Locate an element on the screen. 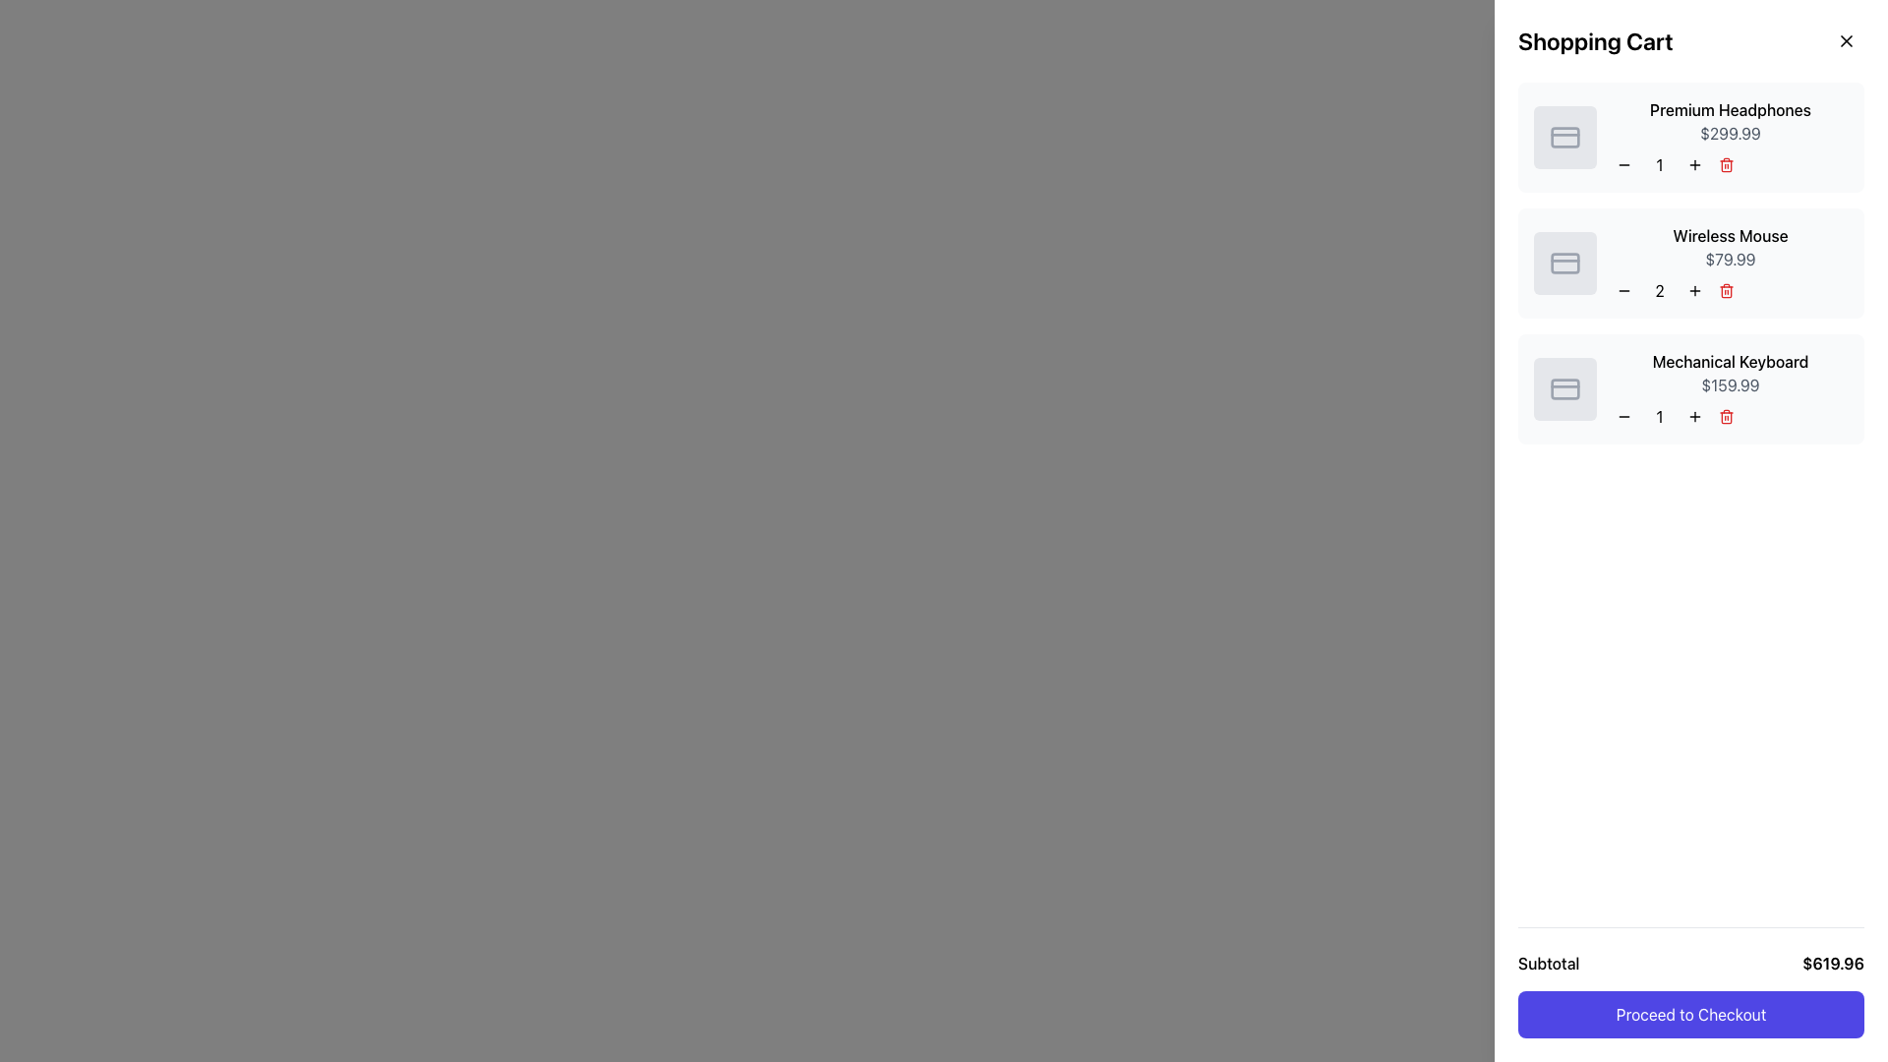 Image resolution: width=1888 pixels, height=1062 pixels. the close icon represented by an X in the top-right corner of the shopping cart interface is located at coordinates (1845, 41).